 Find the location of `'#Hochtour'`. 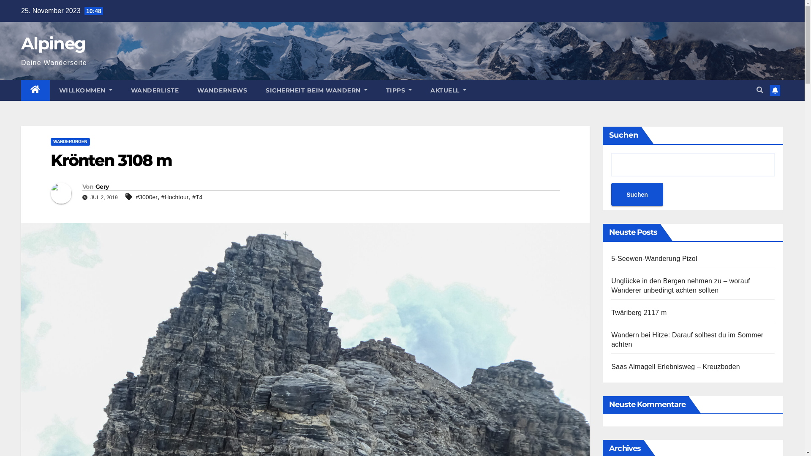

'#Hochtour' is located at coordinates (174, 197).